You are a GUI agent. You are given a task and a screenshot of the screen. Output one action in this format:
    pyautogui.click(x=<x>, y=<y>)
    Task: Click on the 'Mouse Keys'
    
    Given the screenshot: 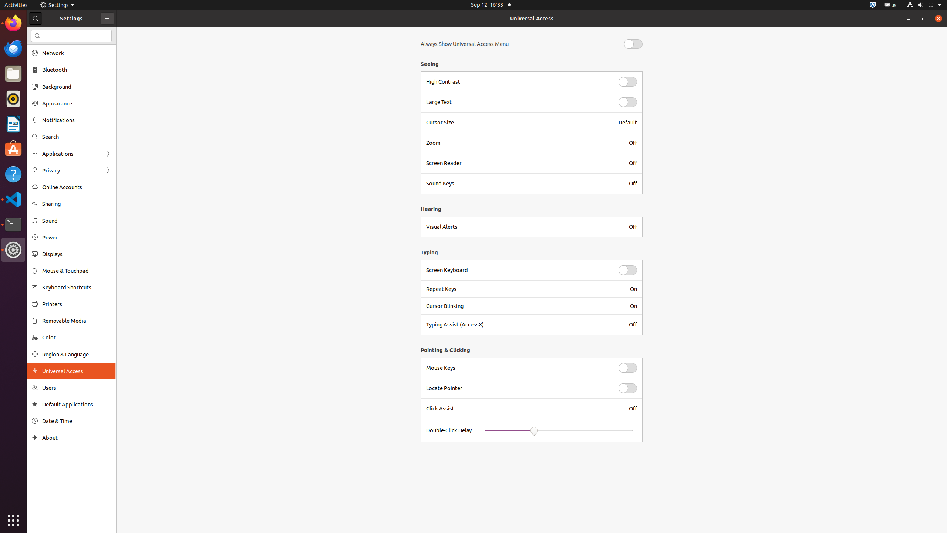 What is the action you would take?
    pyautogui.click(x=518, y=368)
    